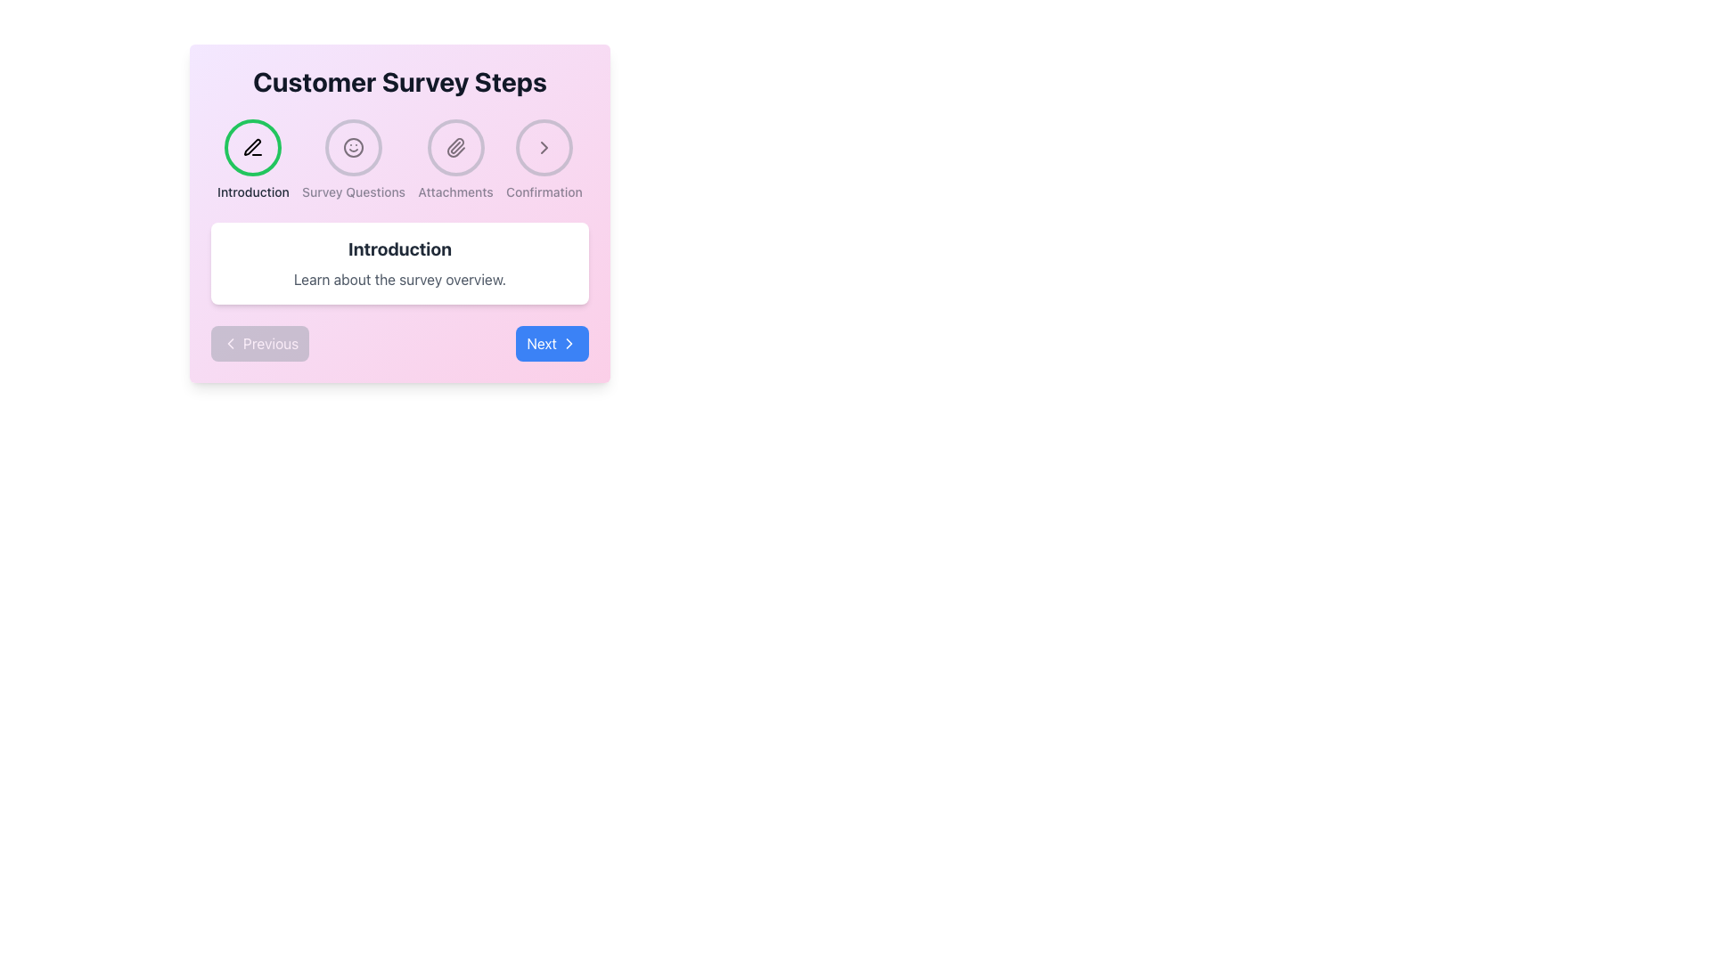 The width and height of the screenshot is (1711, 962). I want to click on the 'Survey Questions' button when it becomes active, located between 'Introduction' and 'Attachments' in the navigation bar, so click(354, 160).